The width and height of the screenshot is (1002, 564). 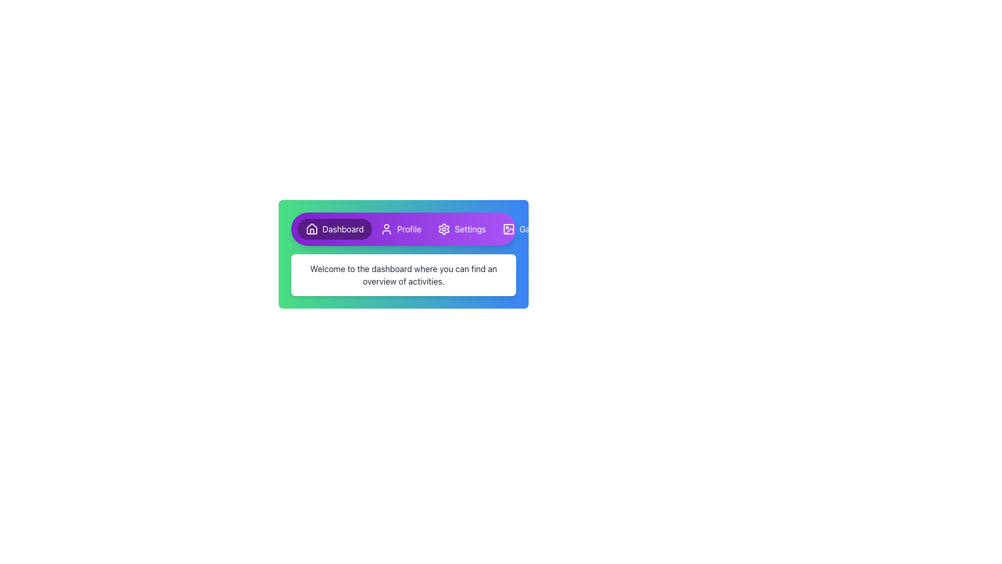 I want to click on text content of the 'Profile' text label, which is displayed in white font on a purple background and is located within the navigation bar at the top of the interface, so click(x=409, y=229).